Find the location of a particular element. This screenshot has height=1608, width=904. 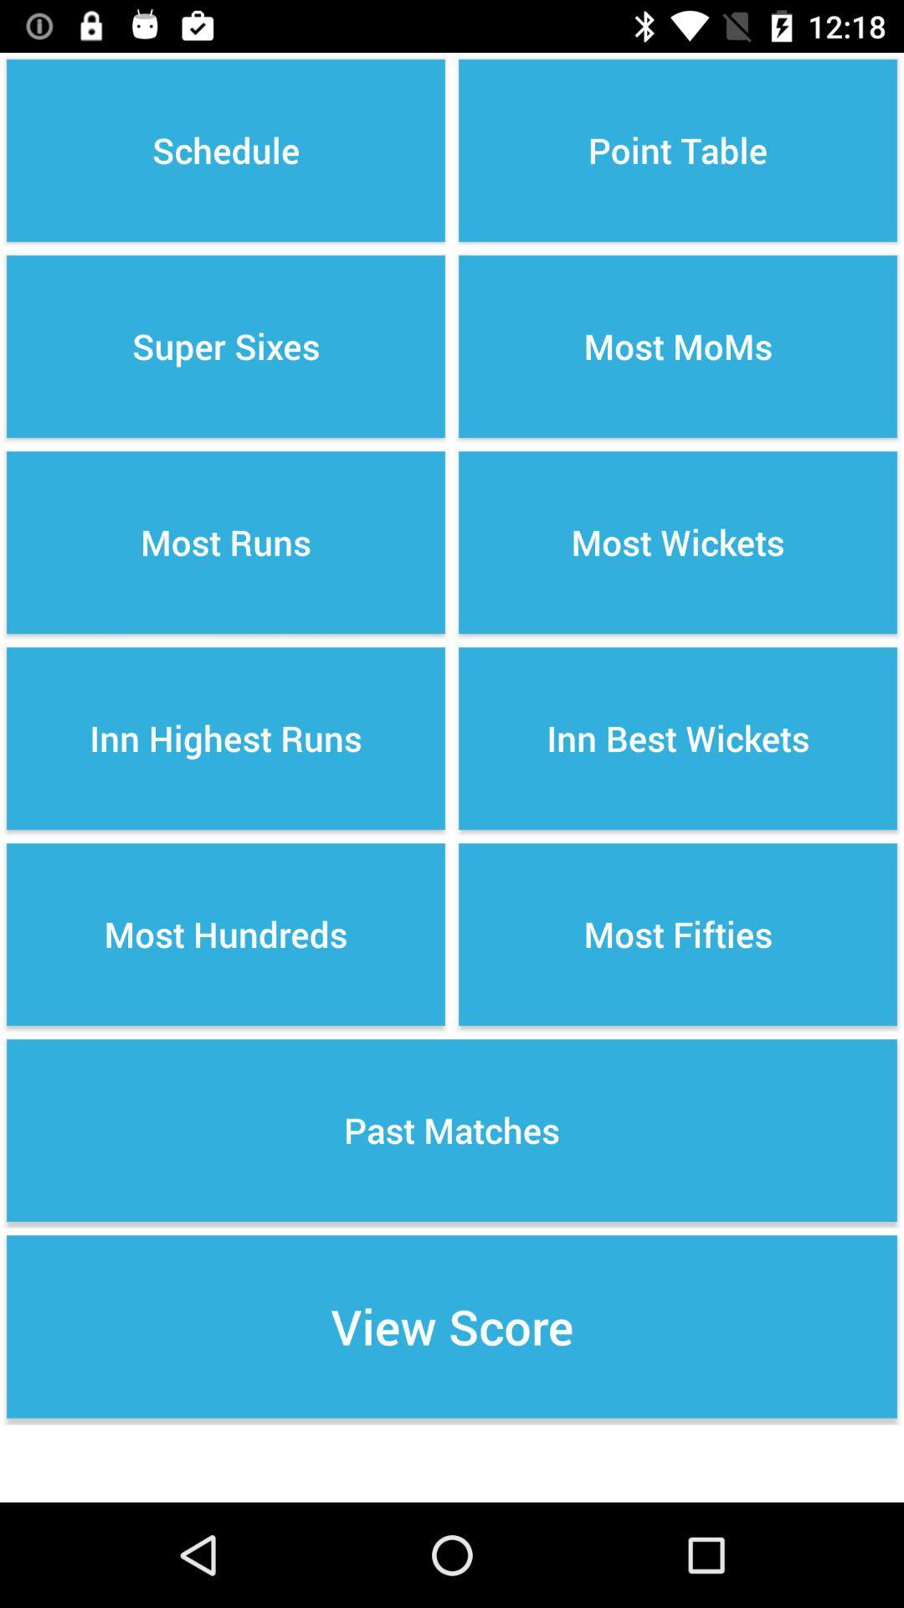

item to the right of inn highest runs item is located at coordinates (678, 934).